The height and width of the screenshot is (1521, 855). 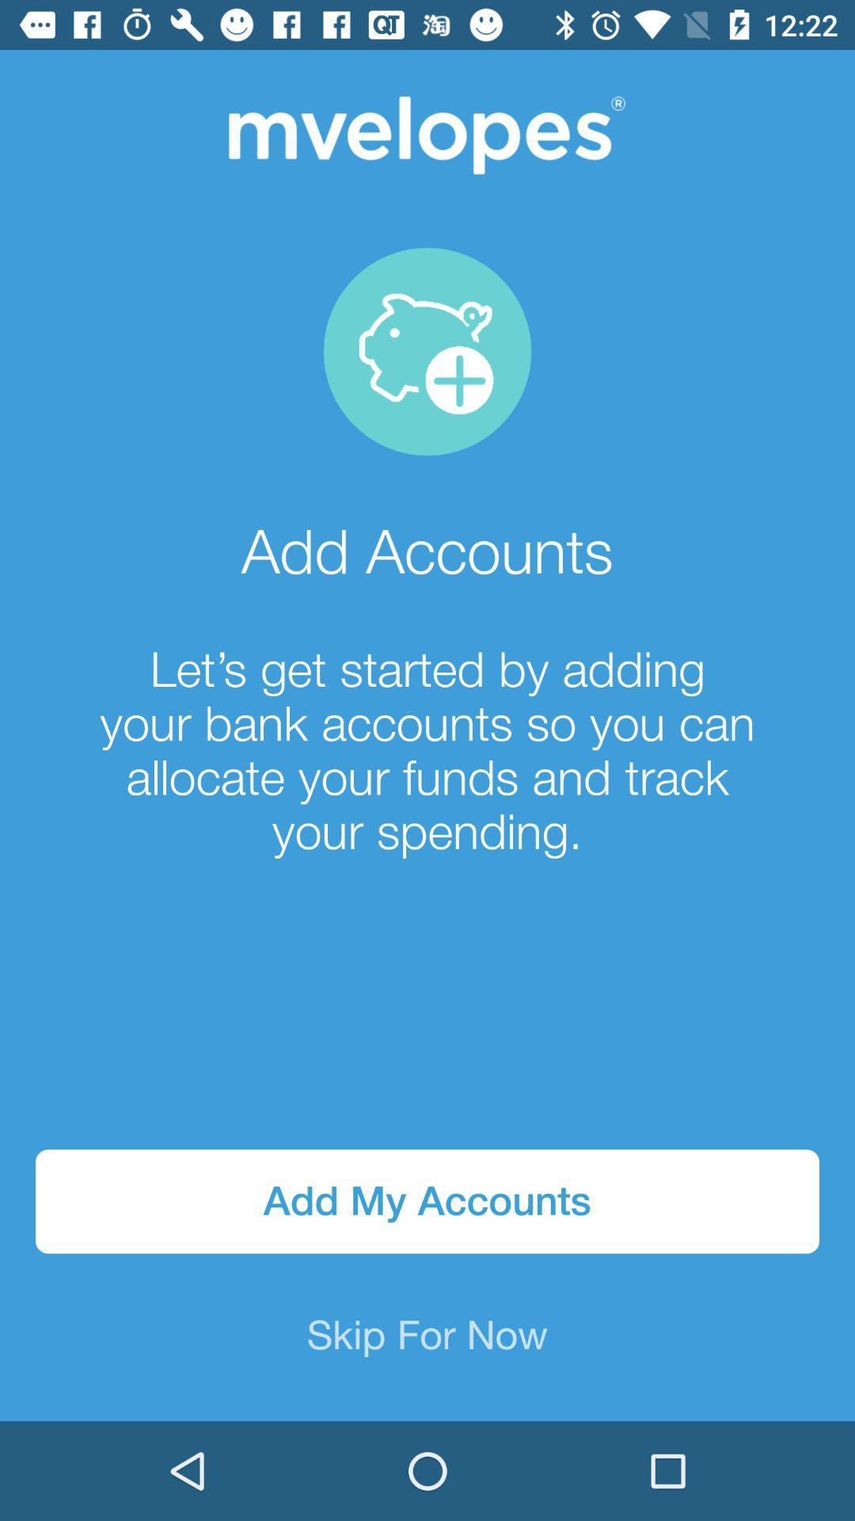 I want to click on the icon below add my accounts icon, so click(x=427, y=1336).